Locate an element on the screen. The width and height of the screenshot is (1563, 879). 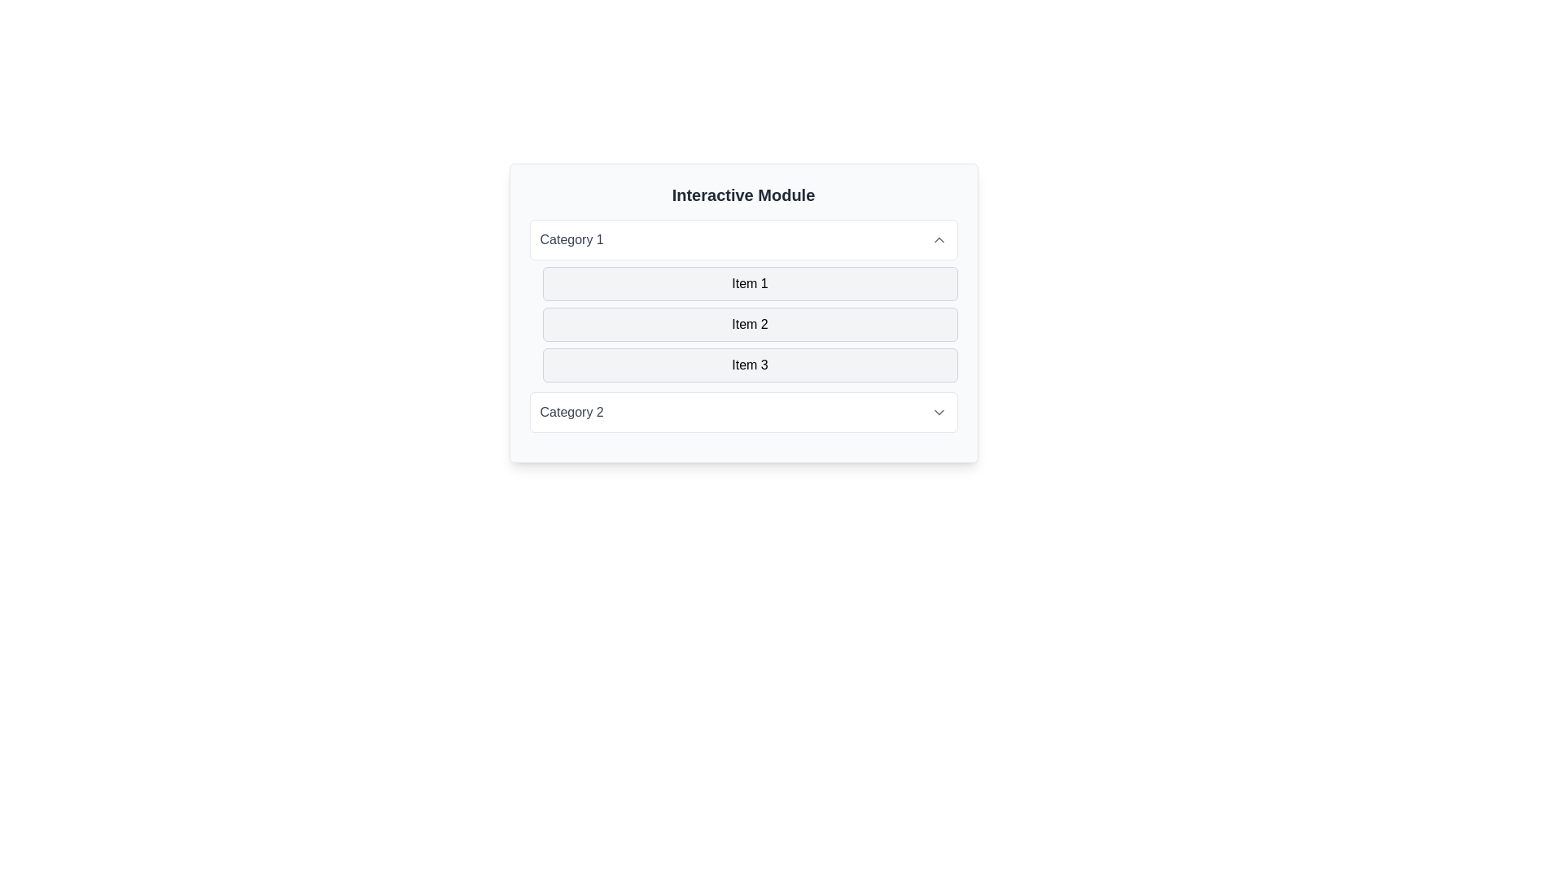
the List Item labeled 'Item 1' with a light gray background and black text is located at coordinates (749, 282).